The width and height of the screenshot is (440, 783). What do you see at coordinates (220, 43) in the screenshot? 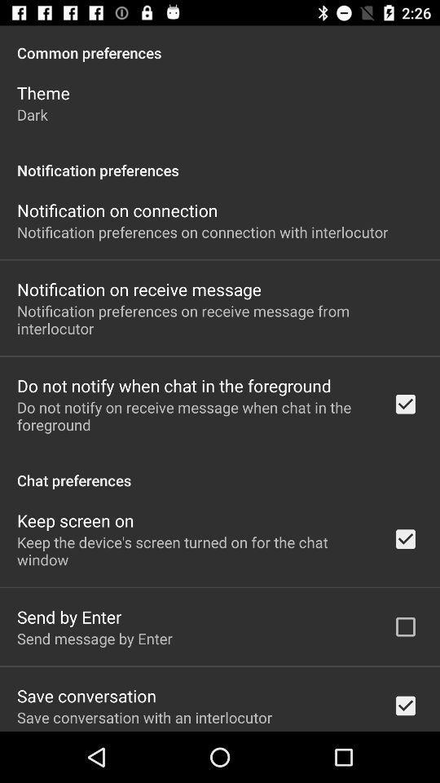
I see `item above theme app` at bounding box center [220, 43].